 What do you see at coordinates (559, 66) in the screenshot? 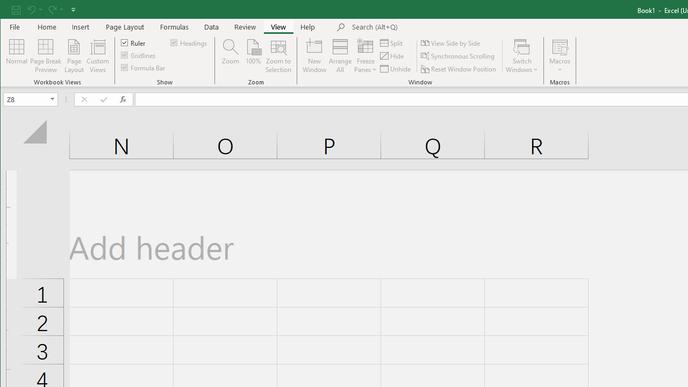
I see `'More Options'` at bounding box center [559, 66].